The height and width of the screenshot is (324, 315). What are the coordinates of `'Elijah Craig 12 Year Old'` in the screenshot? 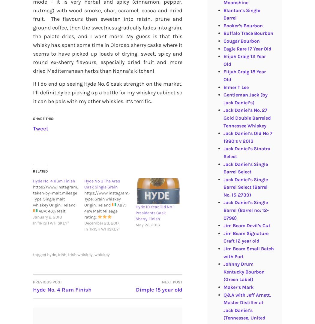 It's located at (244, 60).